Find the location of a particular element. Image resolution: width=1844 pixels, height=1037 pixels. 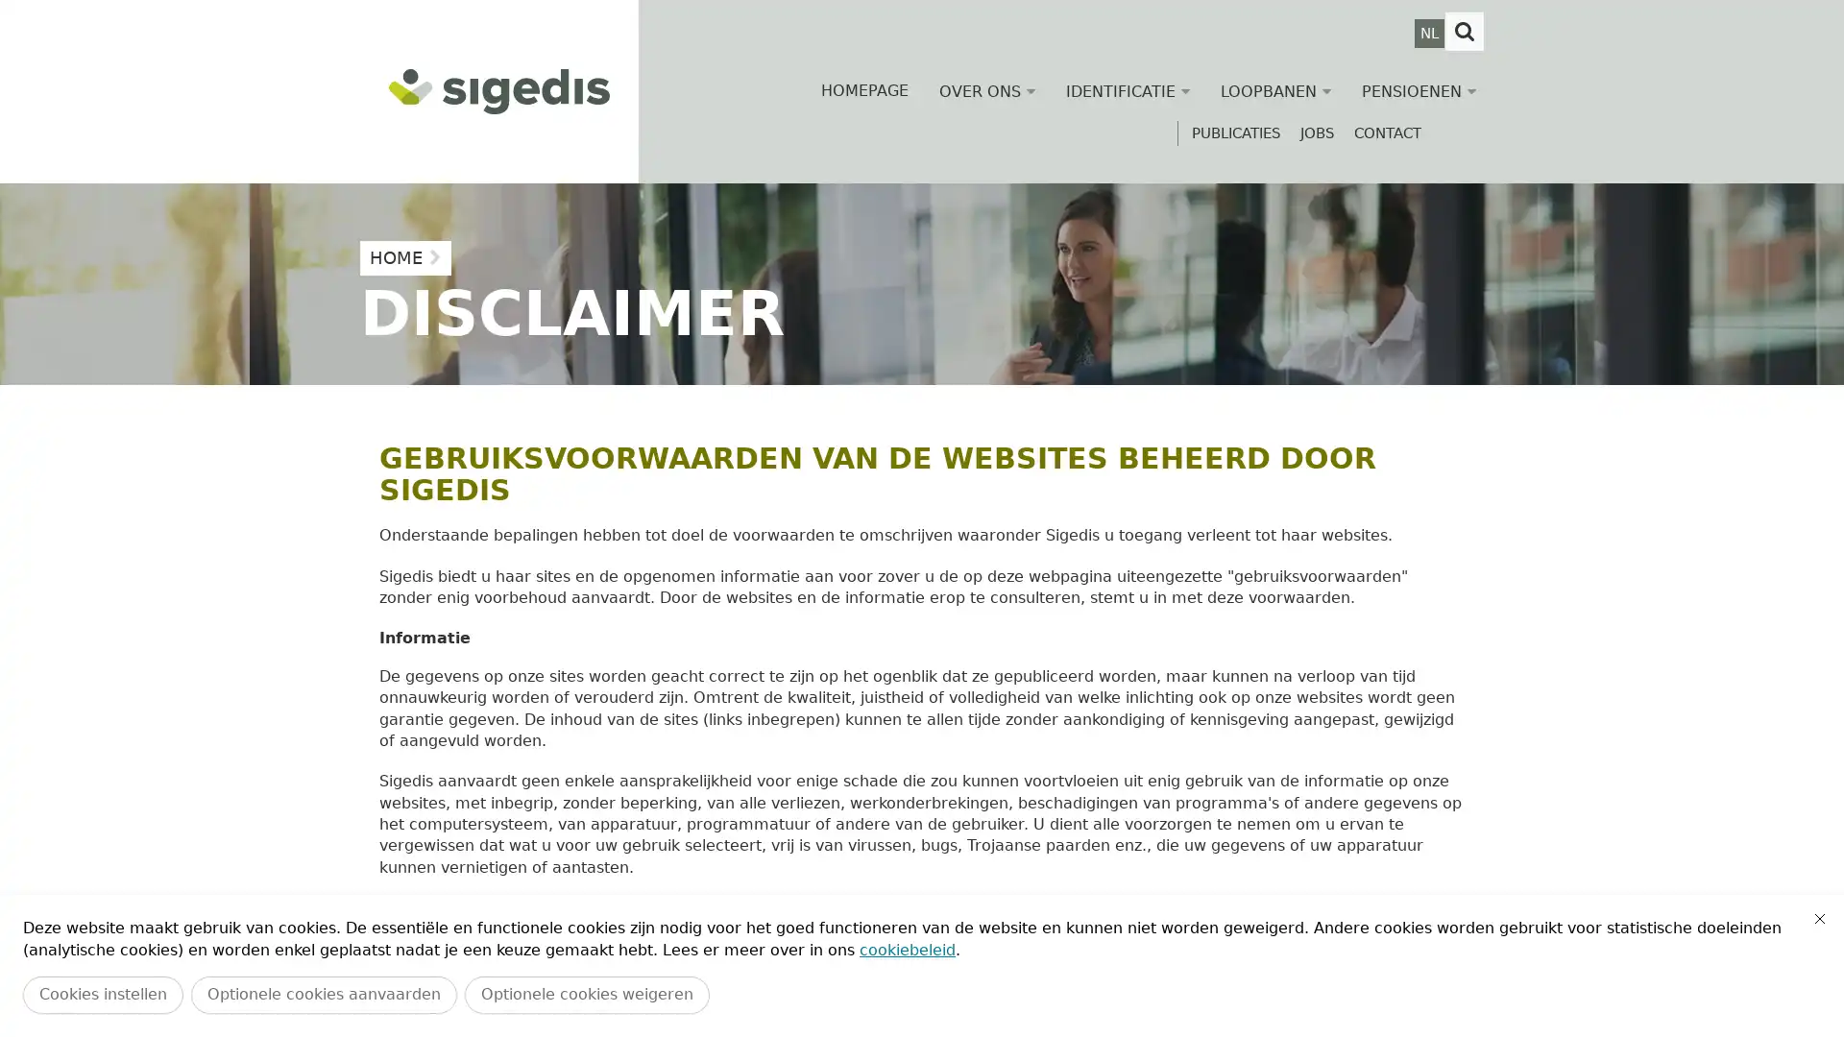

Sluiten is located at coordinates (1819, 917).